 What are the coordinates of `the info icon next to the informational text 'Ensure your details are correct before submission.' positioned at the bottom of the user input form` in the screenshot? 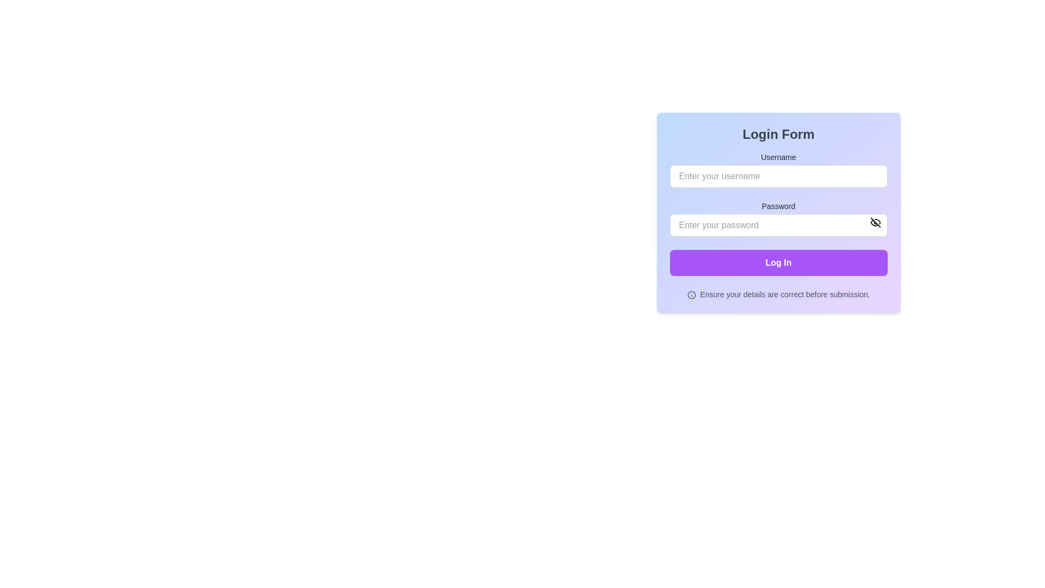 It's located at (778, 294).